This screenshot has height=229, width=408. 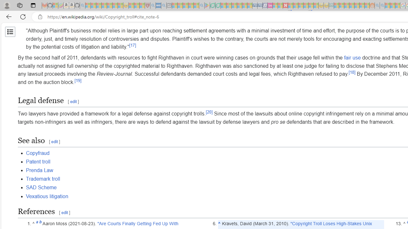 What do you see at coordinates (201, 5) in the screenshot?
I see `'google - Search - Sleeping'` at bounding box center [201, 5].